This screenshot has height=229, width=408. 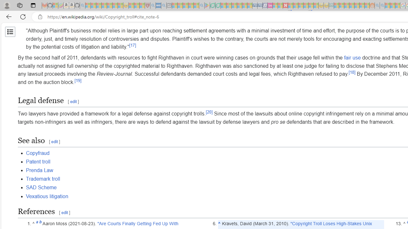 What do you see at coordinates (201, 5) in the screenshot?
I see `'google - Search - Sleeping'` at bounding box center [201, 5].